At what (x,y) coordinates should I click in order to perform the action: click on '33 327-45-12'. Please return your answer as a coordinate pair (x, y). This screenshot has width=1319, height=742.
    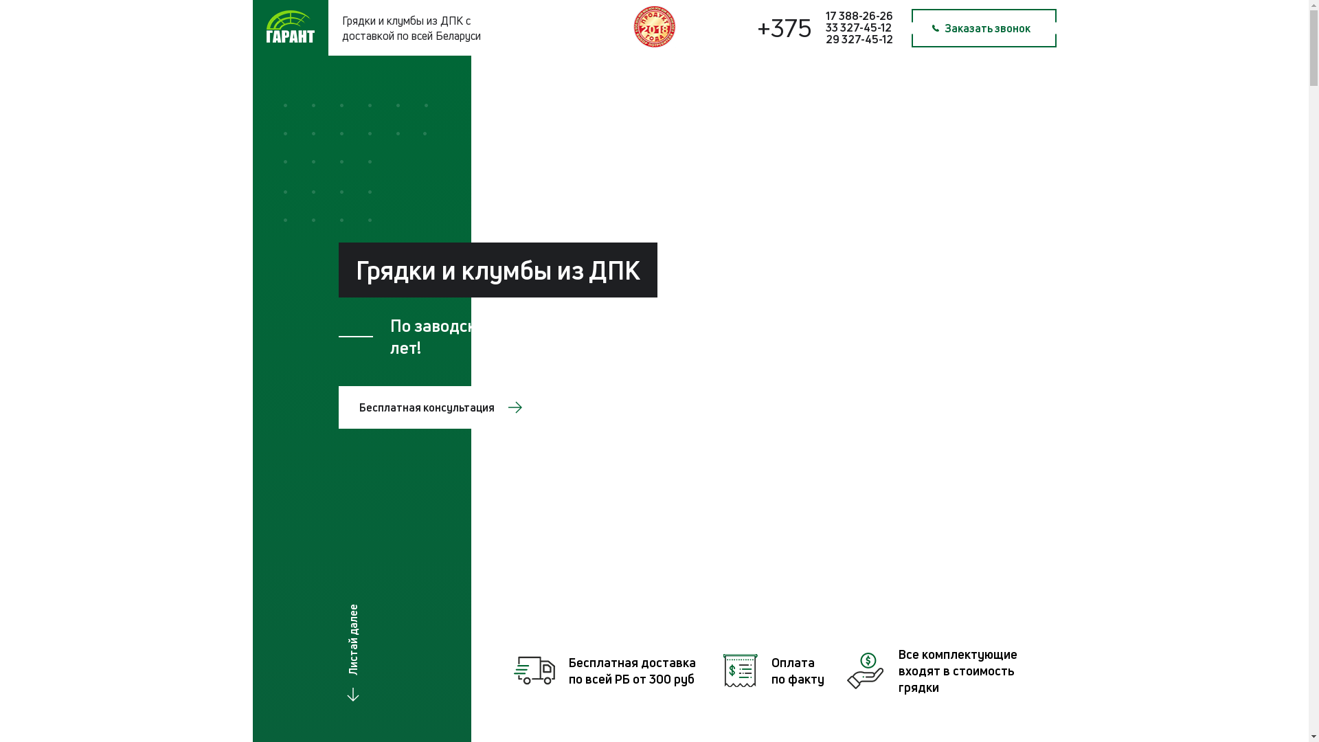
    Looking at the image, I should click on (824, 27).